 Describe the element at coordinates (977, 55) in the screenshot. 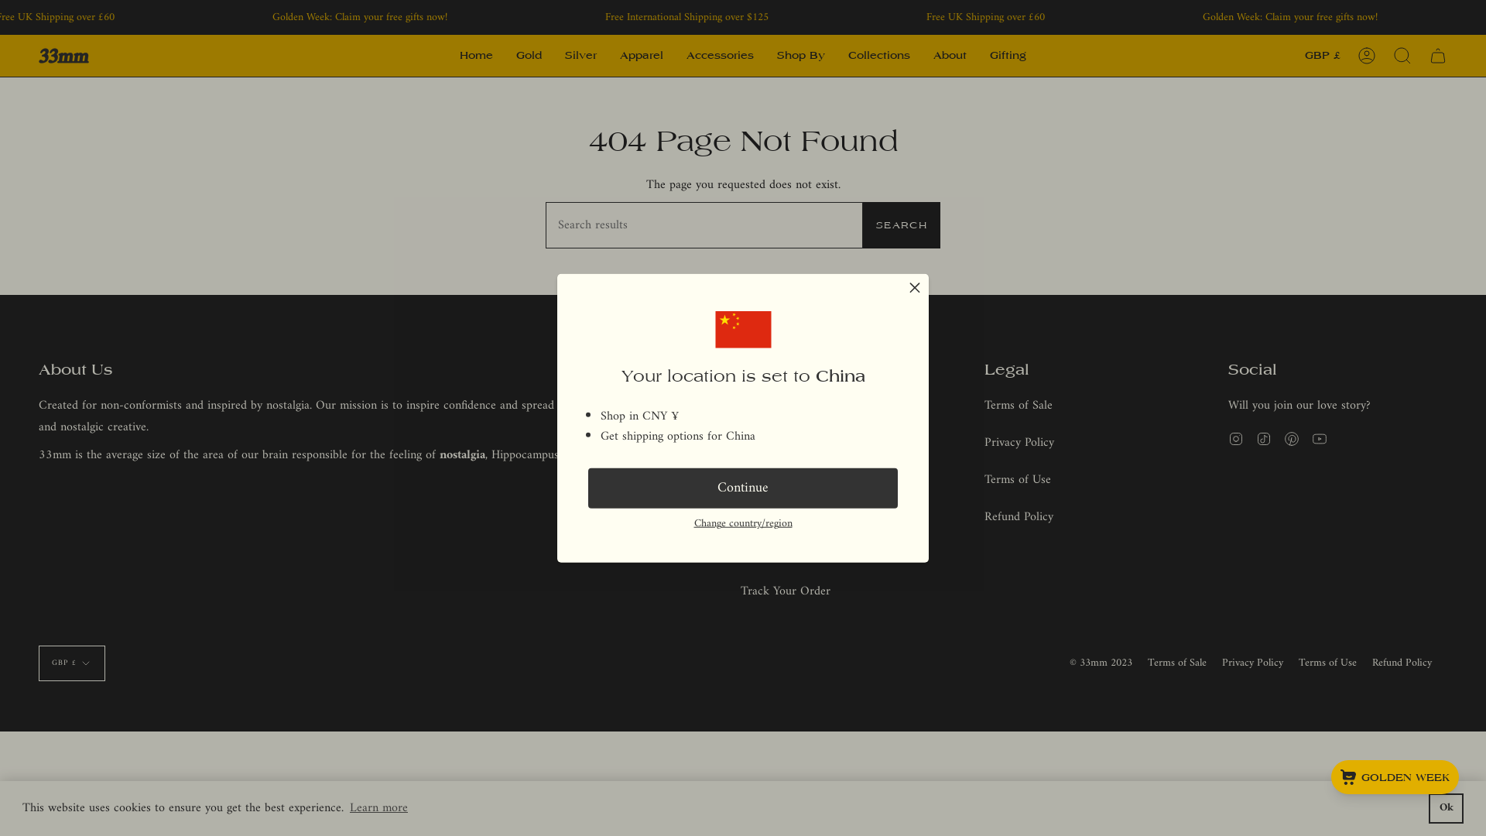

I see `'Gifting'` at that location.